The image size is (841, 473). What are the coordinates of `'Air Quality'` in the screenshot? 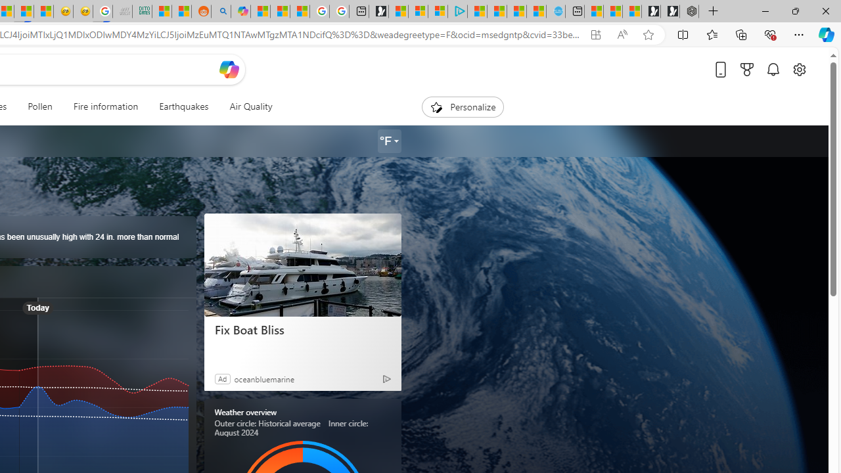 It's located at (245, 106).